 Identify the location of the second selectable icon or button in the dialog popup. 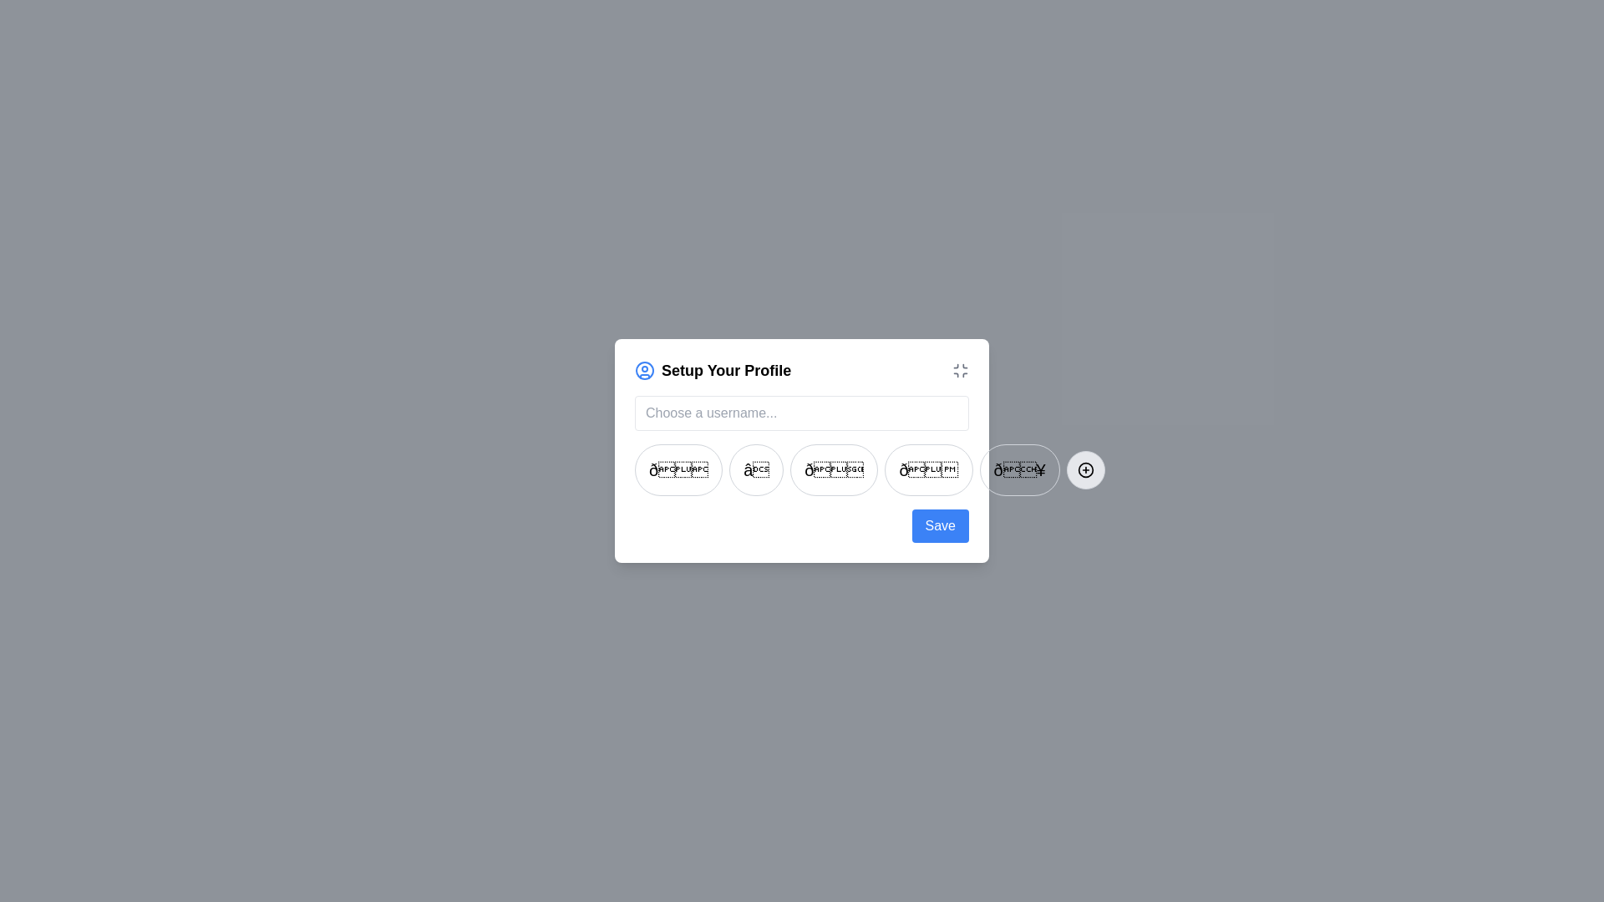
(755, 470).